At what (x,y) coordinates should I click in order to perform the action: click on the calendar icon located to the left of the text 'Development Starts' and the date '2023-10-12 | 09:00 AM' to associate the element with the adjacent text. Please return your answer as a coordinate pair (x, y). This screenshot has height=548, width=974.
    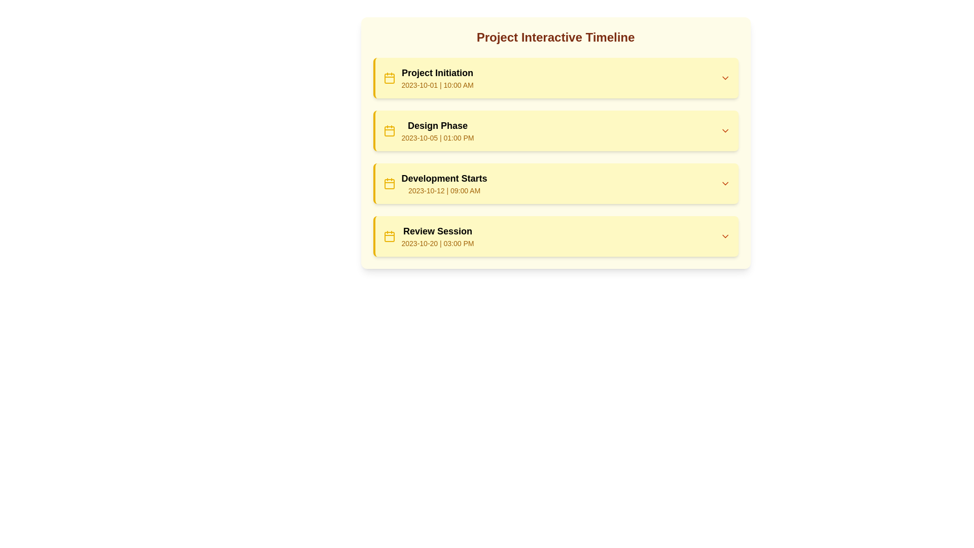
    Looking at the image, I should click on (389, 184).